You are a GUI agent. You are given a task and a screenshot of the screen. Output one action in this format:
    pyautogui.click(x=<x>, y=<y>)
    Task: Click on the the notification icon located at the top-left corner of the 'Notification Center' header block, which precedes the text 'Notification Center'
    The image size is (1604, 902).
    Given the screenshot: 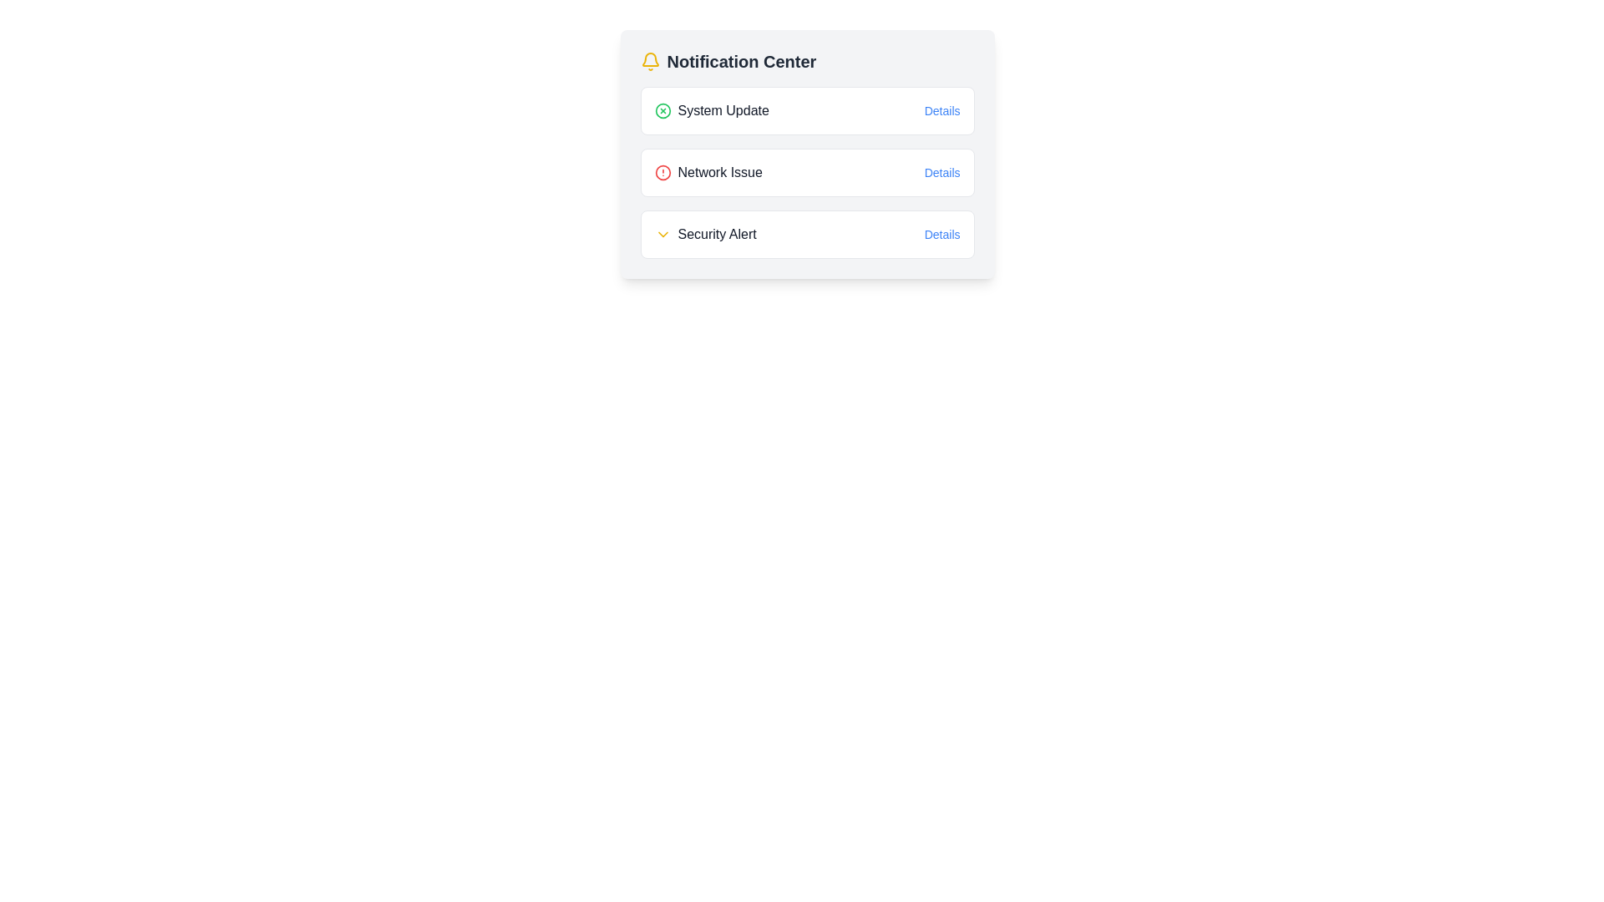 What is the action you would take?
    pyautogui.click(x=649, y=60)
    